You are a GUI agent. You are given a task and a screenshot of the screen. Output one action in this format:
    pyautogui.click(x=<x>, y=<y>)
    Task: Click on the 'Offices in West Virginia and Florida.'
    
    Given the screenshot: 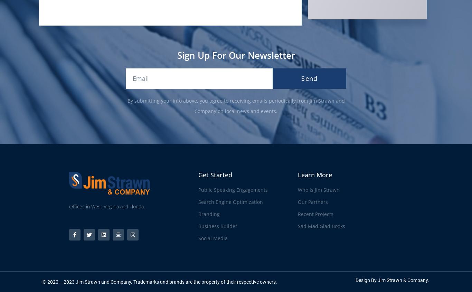 What is the action you would take?
    pyautogui.click(x=106, y=206)
    